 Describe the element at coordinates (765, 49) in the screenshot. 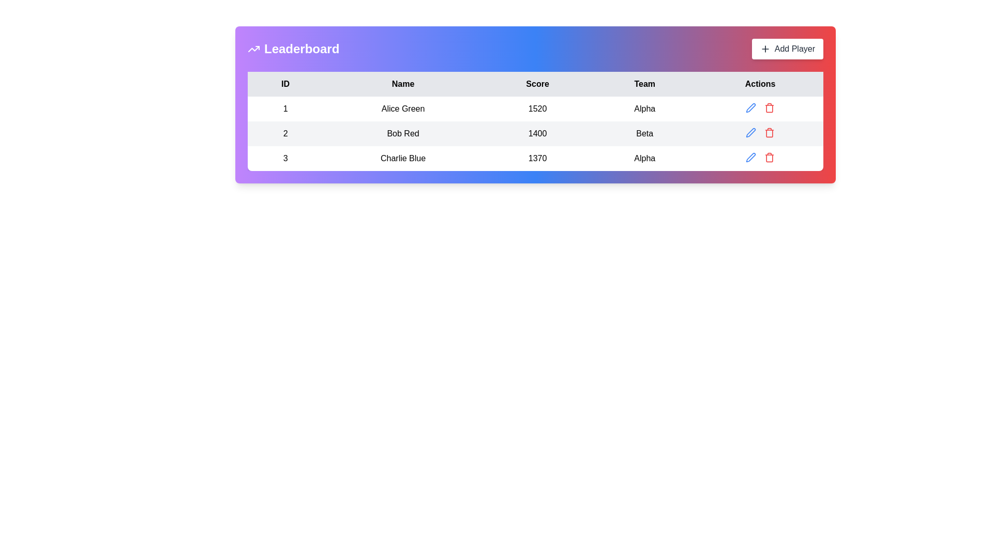

I see `the icon that serves as a visual indicator for the action of adding a new player, located at the top-right corner above the leaderboard table, next to the 'Add Player' text` at that location.